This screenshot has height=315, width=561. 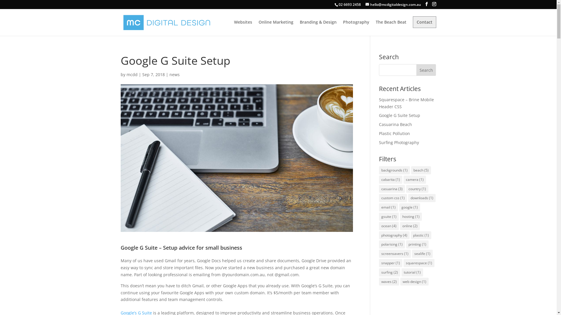 What do you see at coordinates (426, 69) in the screenshot?
I see `'Search'` at bounding box center [426, 69].